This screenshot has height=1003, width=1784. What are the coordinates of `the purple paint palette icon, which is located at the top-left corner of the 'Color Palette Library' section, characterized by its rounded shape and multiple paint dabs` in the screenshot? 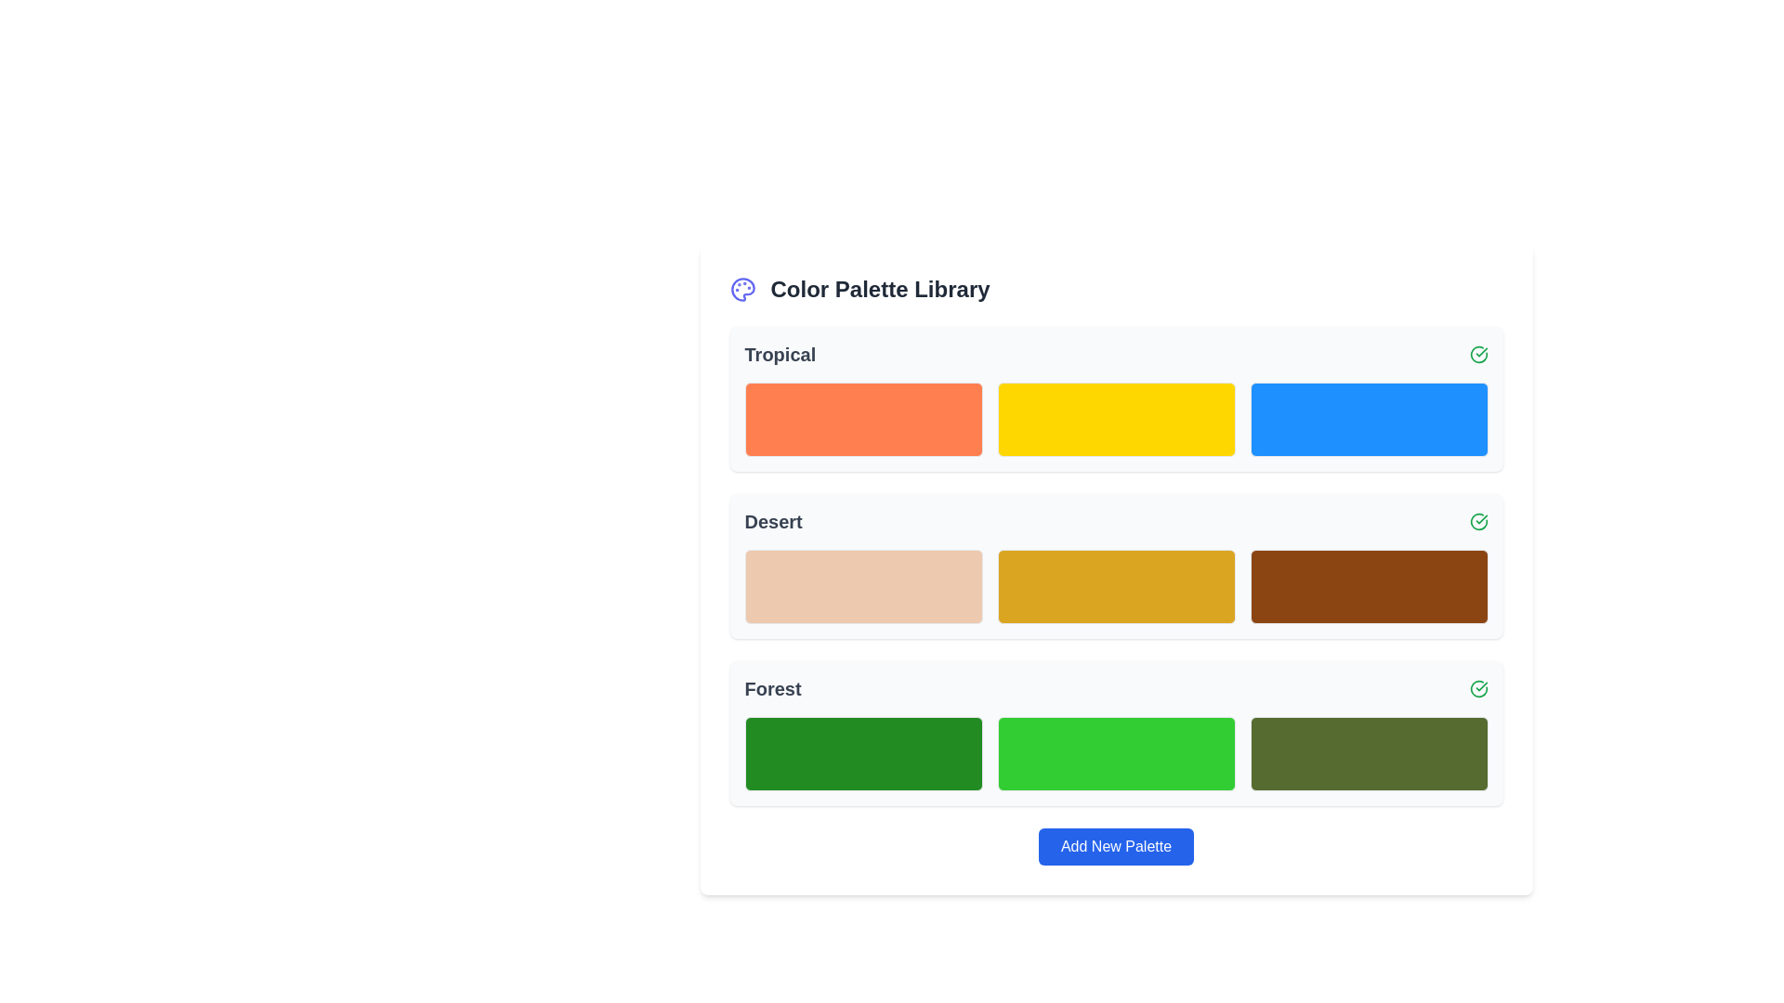 It's located at (741, 290).